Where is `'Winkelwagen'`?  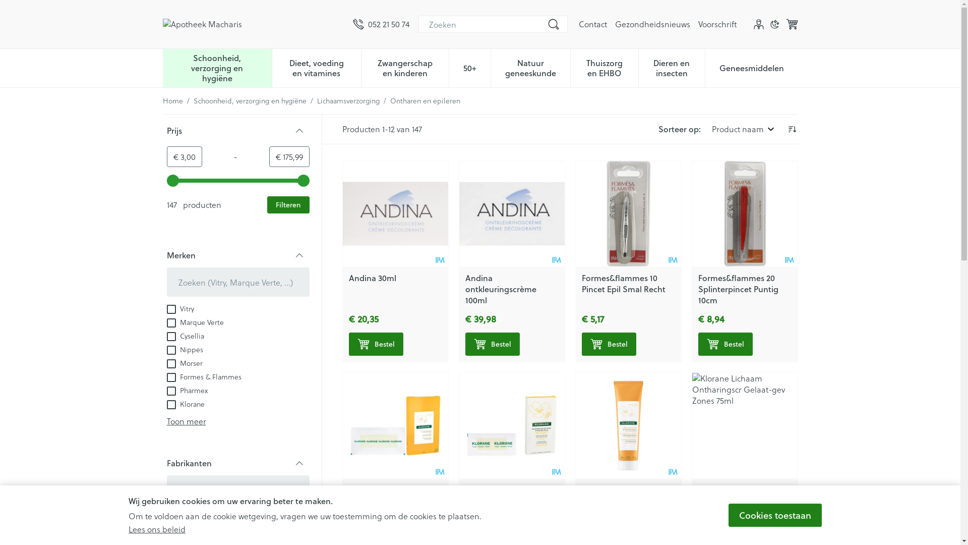
'Winkelwagen' is located at coordinates (785, 23).